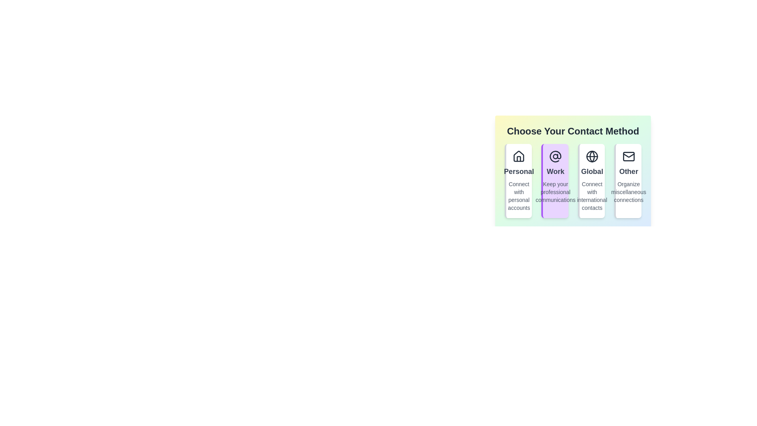  I want to click on the contact method Personal to observe the animation effect, so click(518, 181).